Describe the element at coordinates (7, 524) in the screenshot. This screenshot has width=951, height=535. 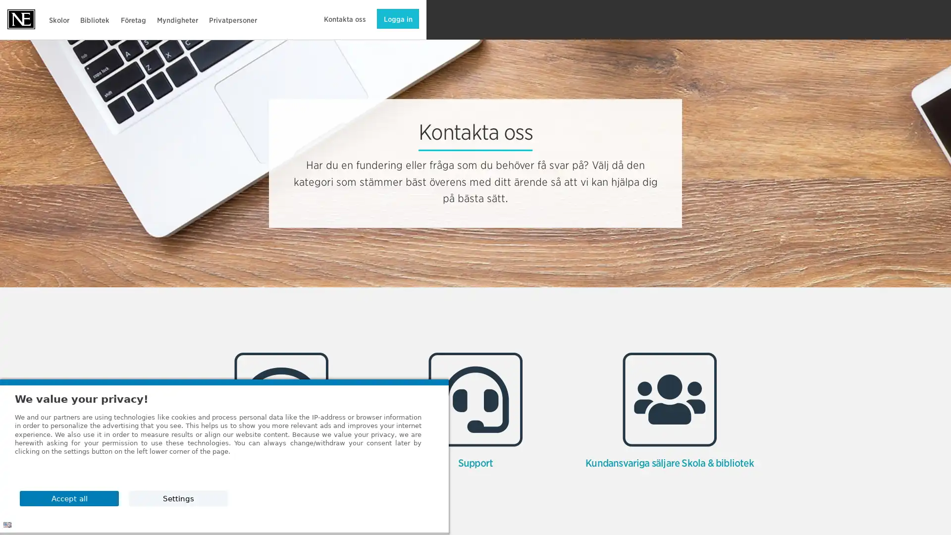
I see `Language: en` at that location.